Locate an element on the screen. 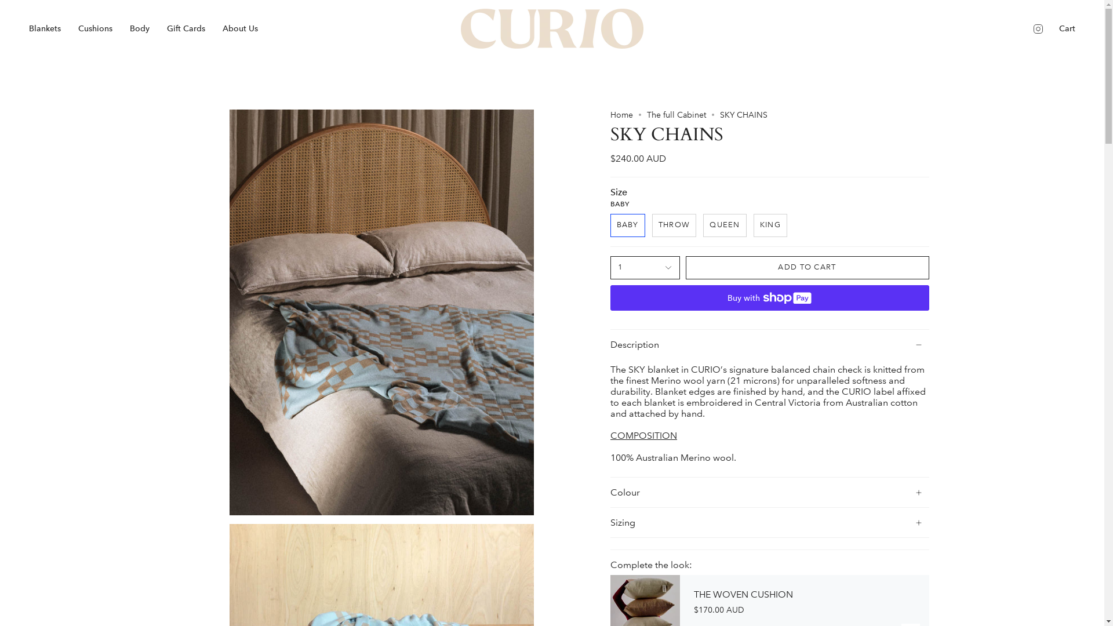 This screenshot has width=1113, height=626. 'Instagram' is located at coordinates (1038, 27).